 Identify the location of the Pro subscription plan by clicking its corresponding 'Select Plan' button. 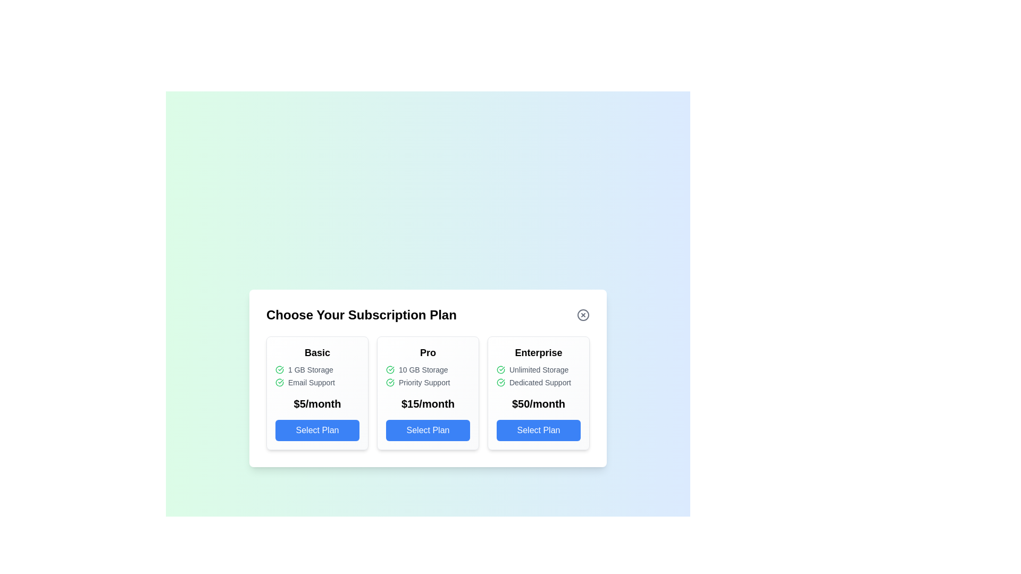
(428, 430).